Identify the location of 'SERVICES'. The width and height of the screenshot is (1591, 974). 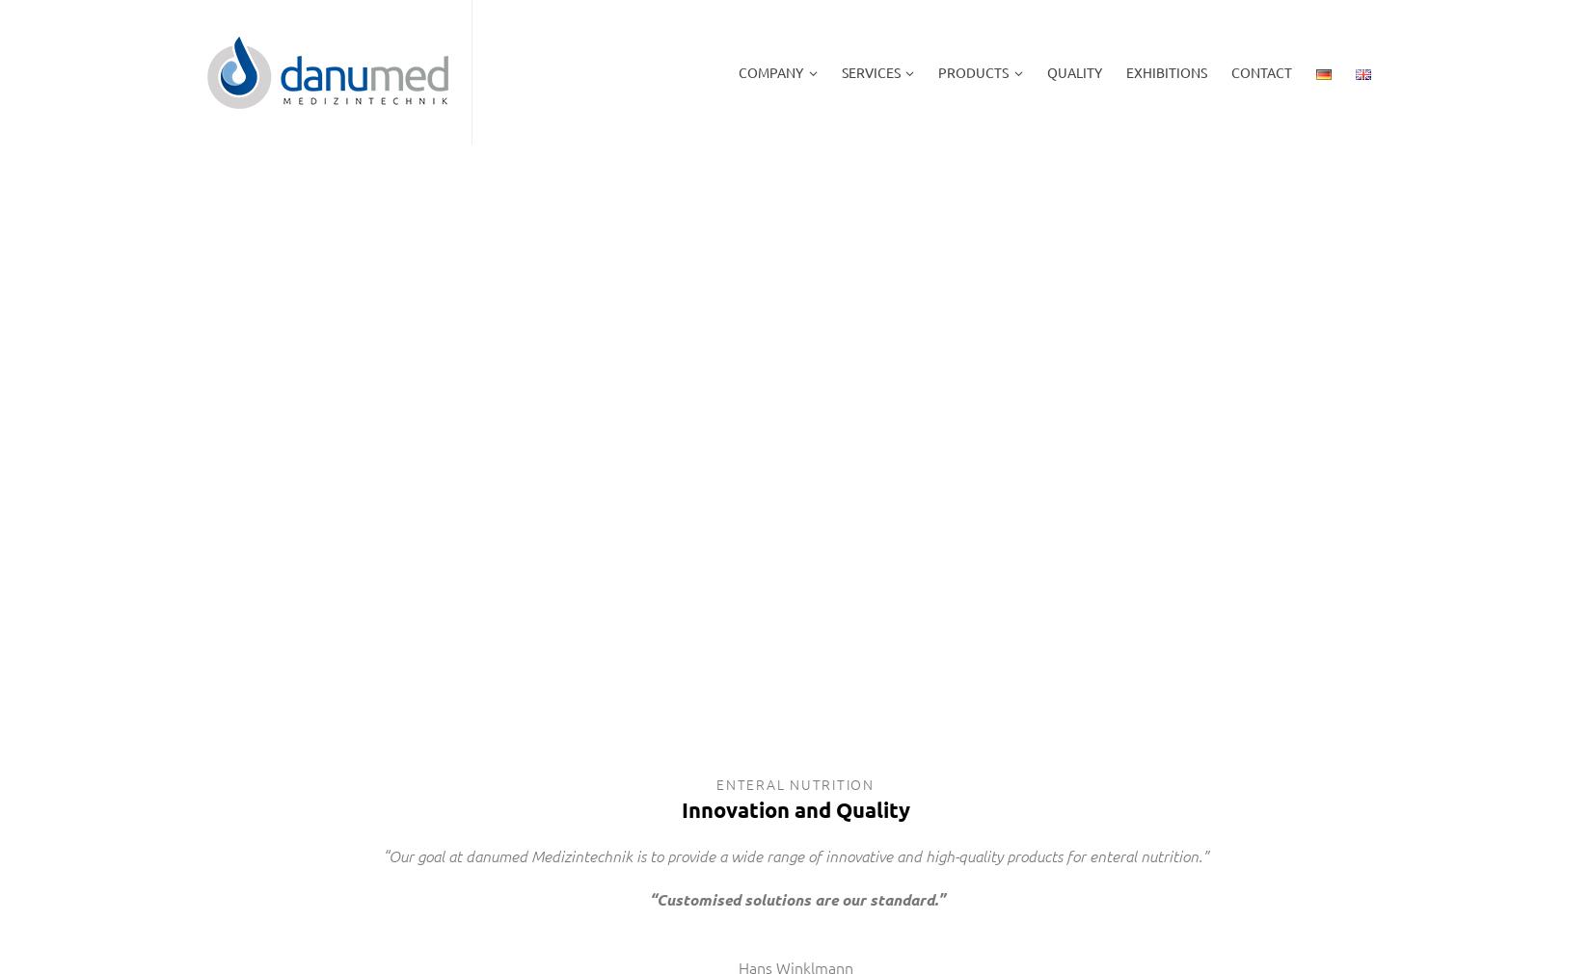
(841, 71).